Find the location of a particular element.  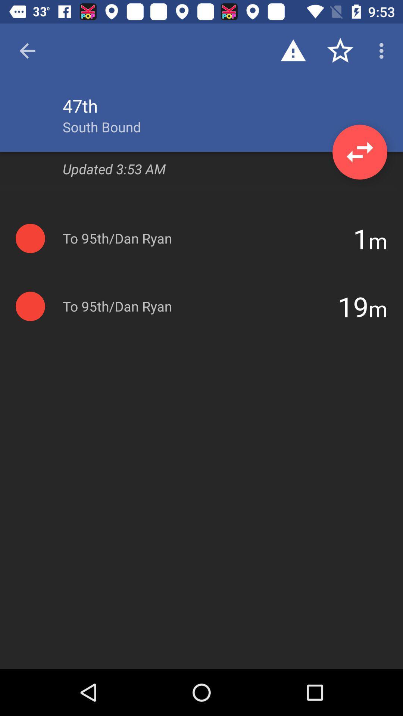

the 1 item is located at coordinates (360, 238).